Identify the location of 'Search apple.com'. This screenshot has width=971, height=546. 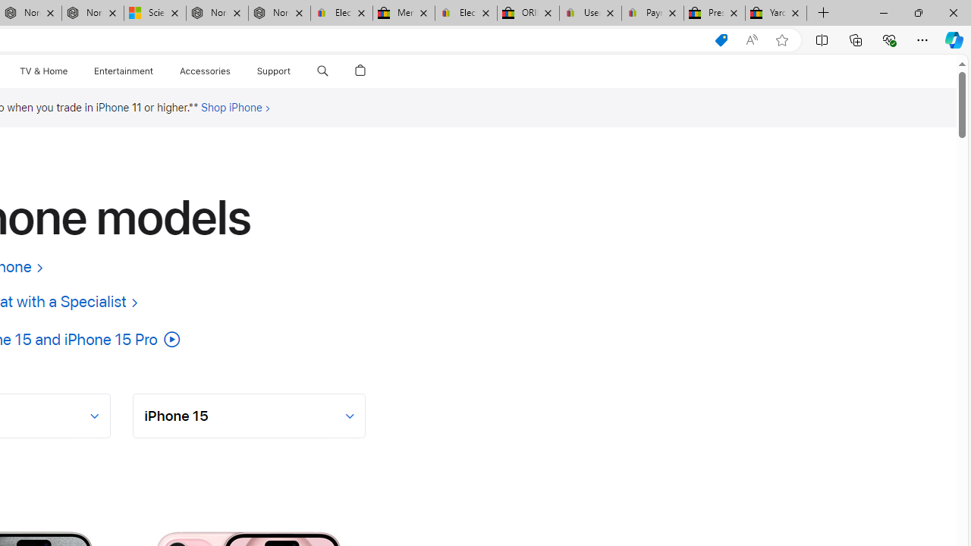
(322, 71).